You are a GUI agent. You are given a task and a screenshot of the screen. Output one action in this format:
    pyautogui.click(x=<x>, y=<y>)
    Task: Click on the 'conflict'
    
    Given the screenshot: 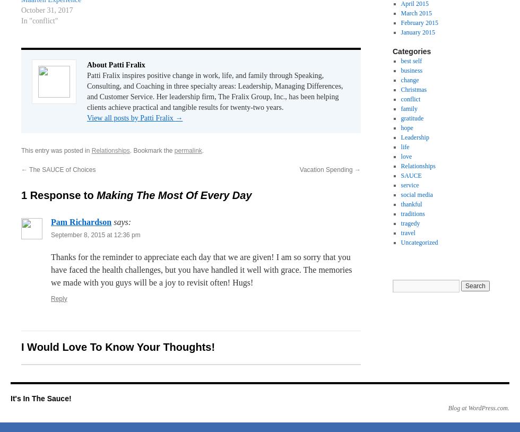 What is the action you would take?
    pyautogui.click(x=410, y=98)
    